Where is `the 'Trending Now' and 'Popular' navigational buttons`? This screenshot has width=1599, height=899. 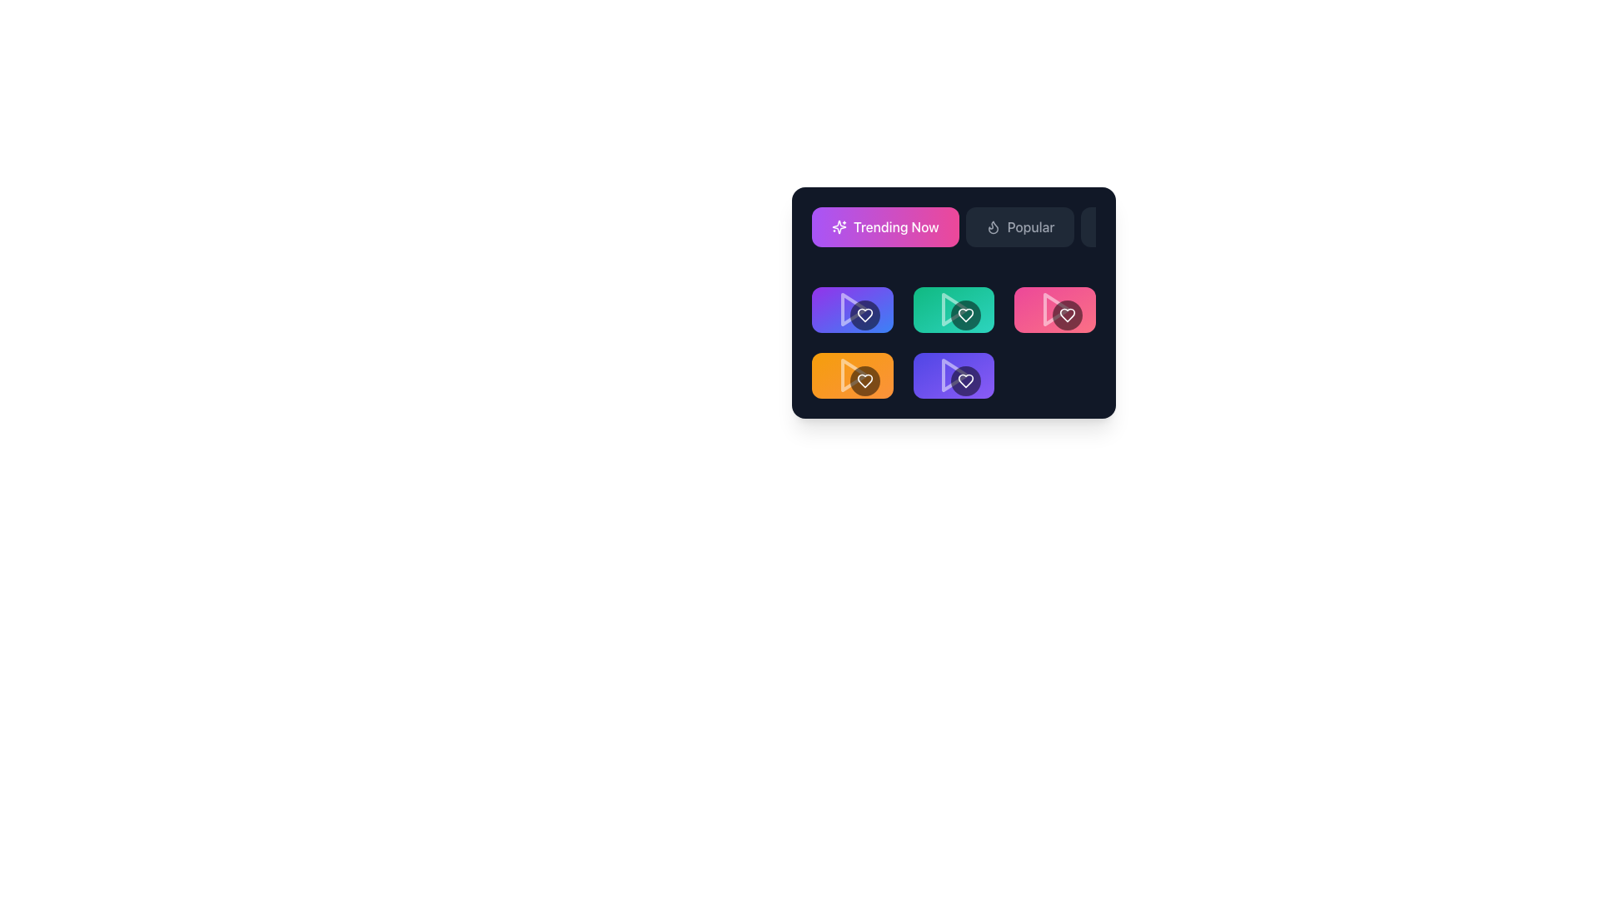 the 'Trending Now' and 'Popular' navigational buttons is located at coordinates (954, 234).